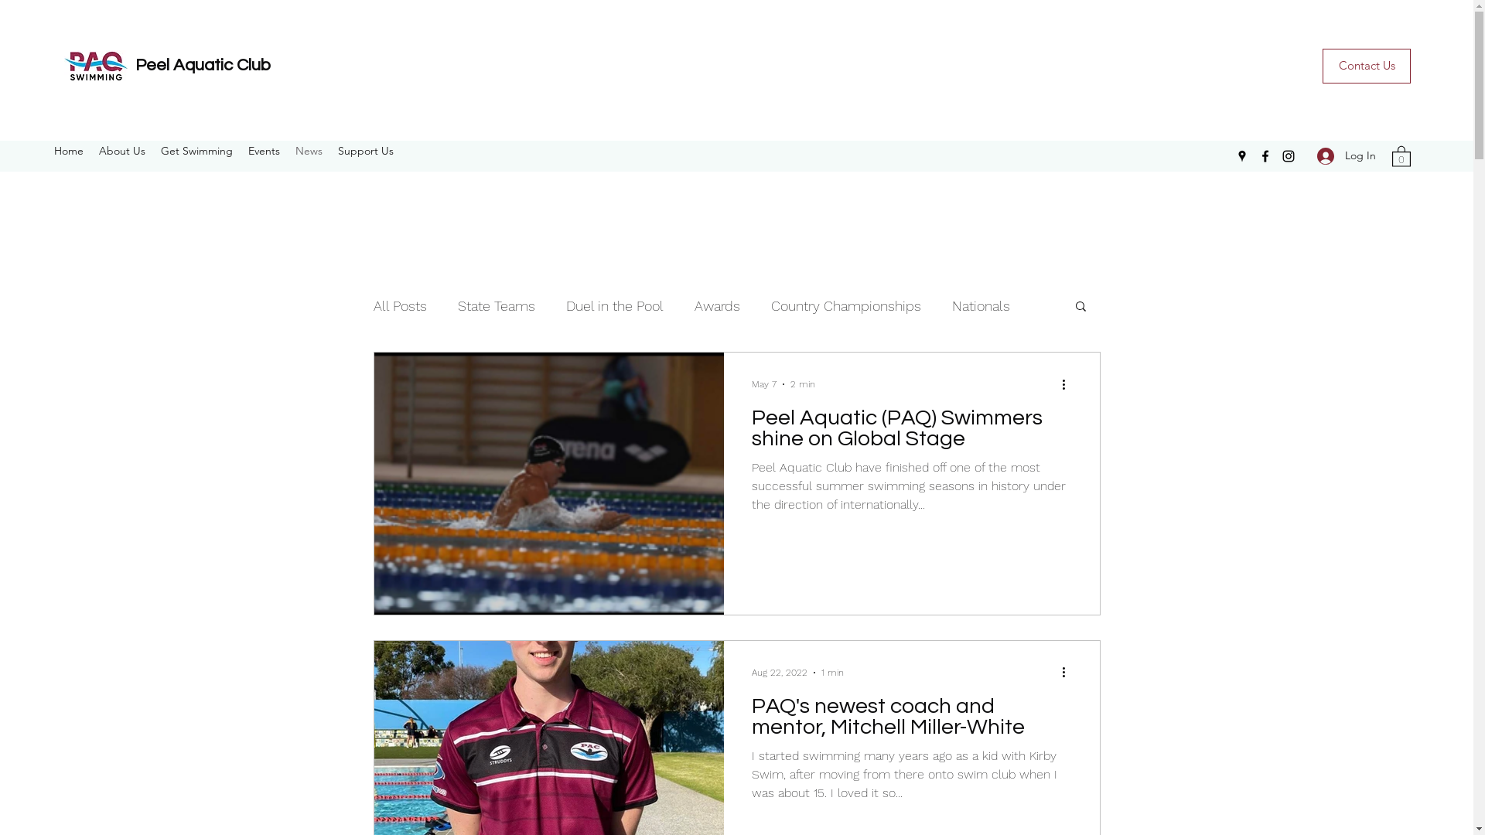 The height and width of the screenshot is (835, 1485). I want to click on 'Contact Us', so click(1366, 65).